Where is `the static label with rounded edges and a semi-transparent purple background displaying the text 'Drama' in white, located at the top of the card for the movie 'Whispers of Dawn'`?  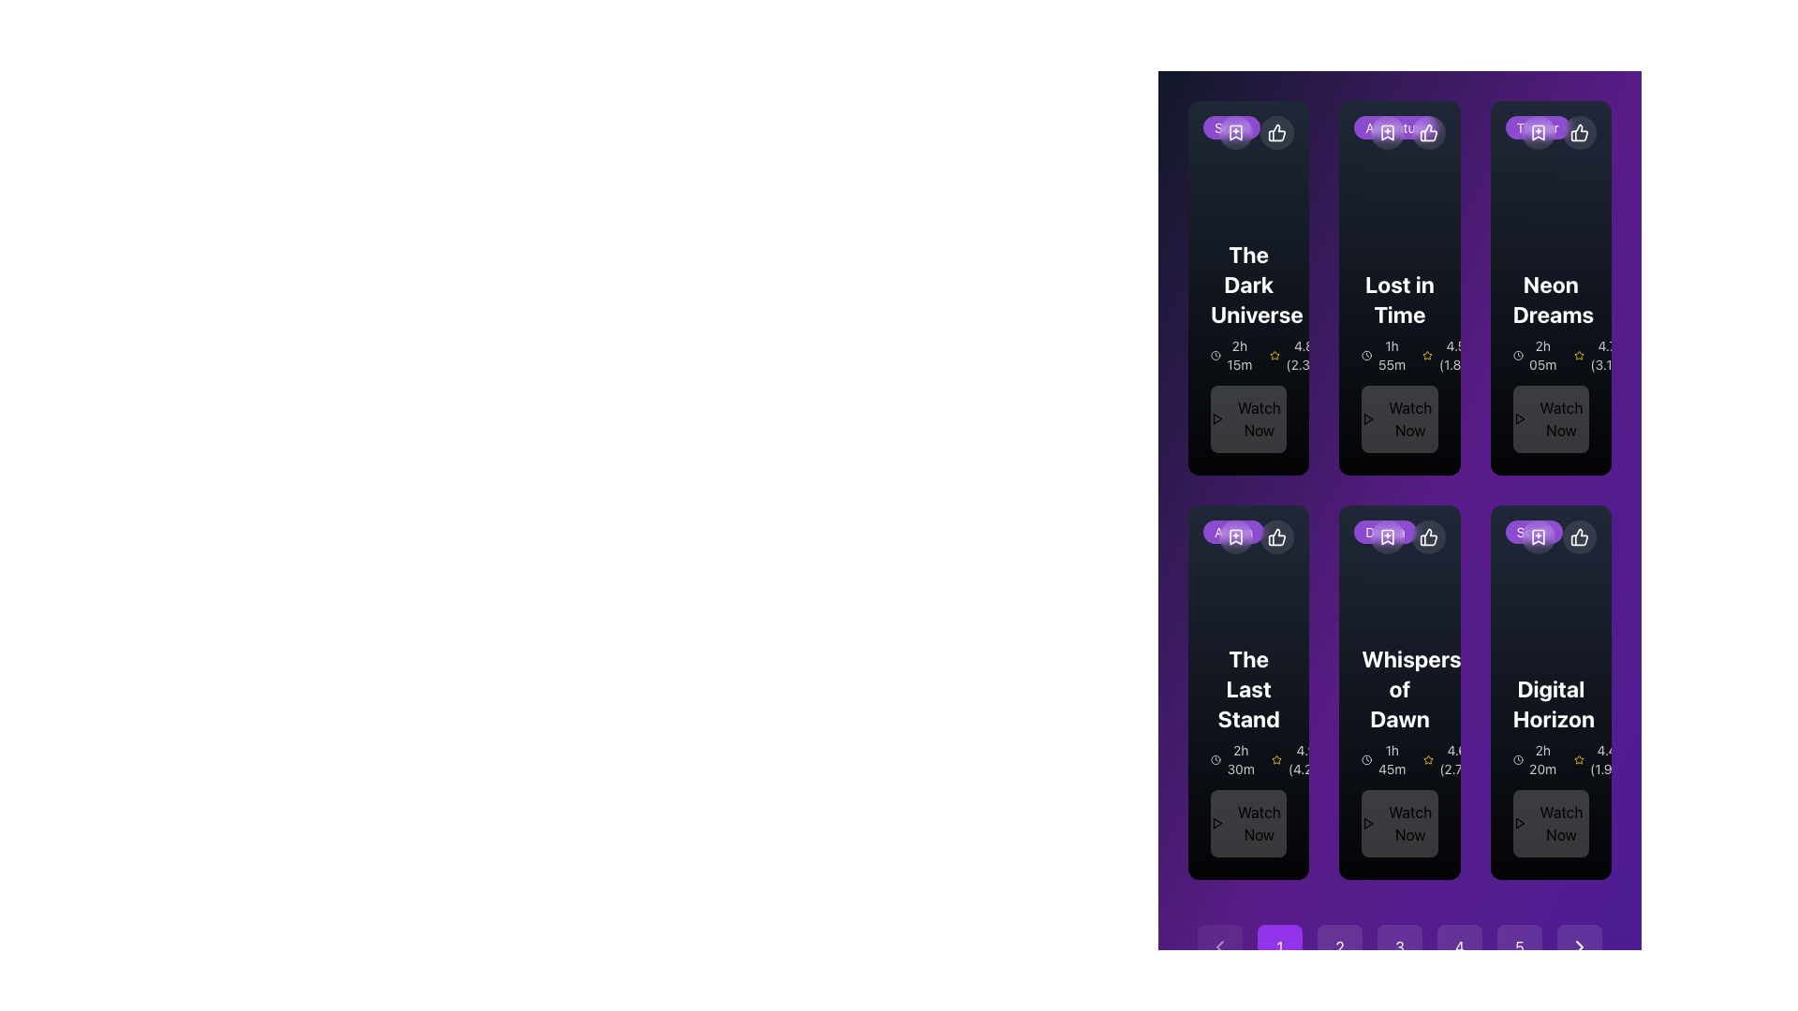
the static label with rounded edges and a semi-transparent purple background displaying the text 'Drama' in white, located at the top of the card for the movie 'Whispers of Dawn' is located at coordinates (1385, 532).